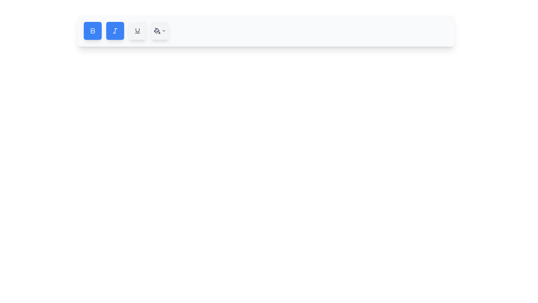 This screenshot has width=538, height=303. What do you see at coordinates (115, 31) in the screenshot?
I see `the italic formatting button, which is the second in a horizontal sequence of stylistic controls` at bounding box center [115, 31].